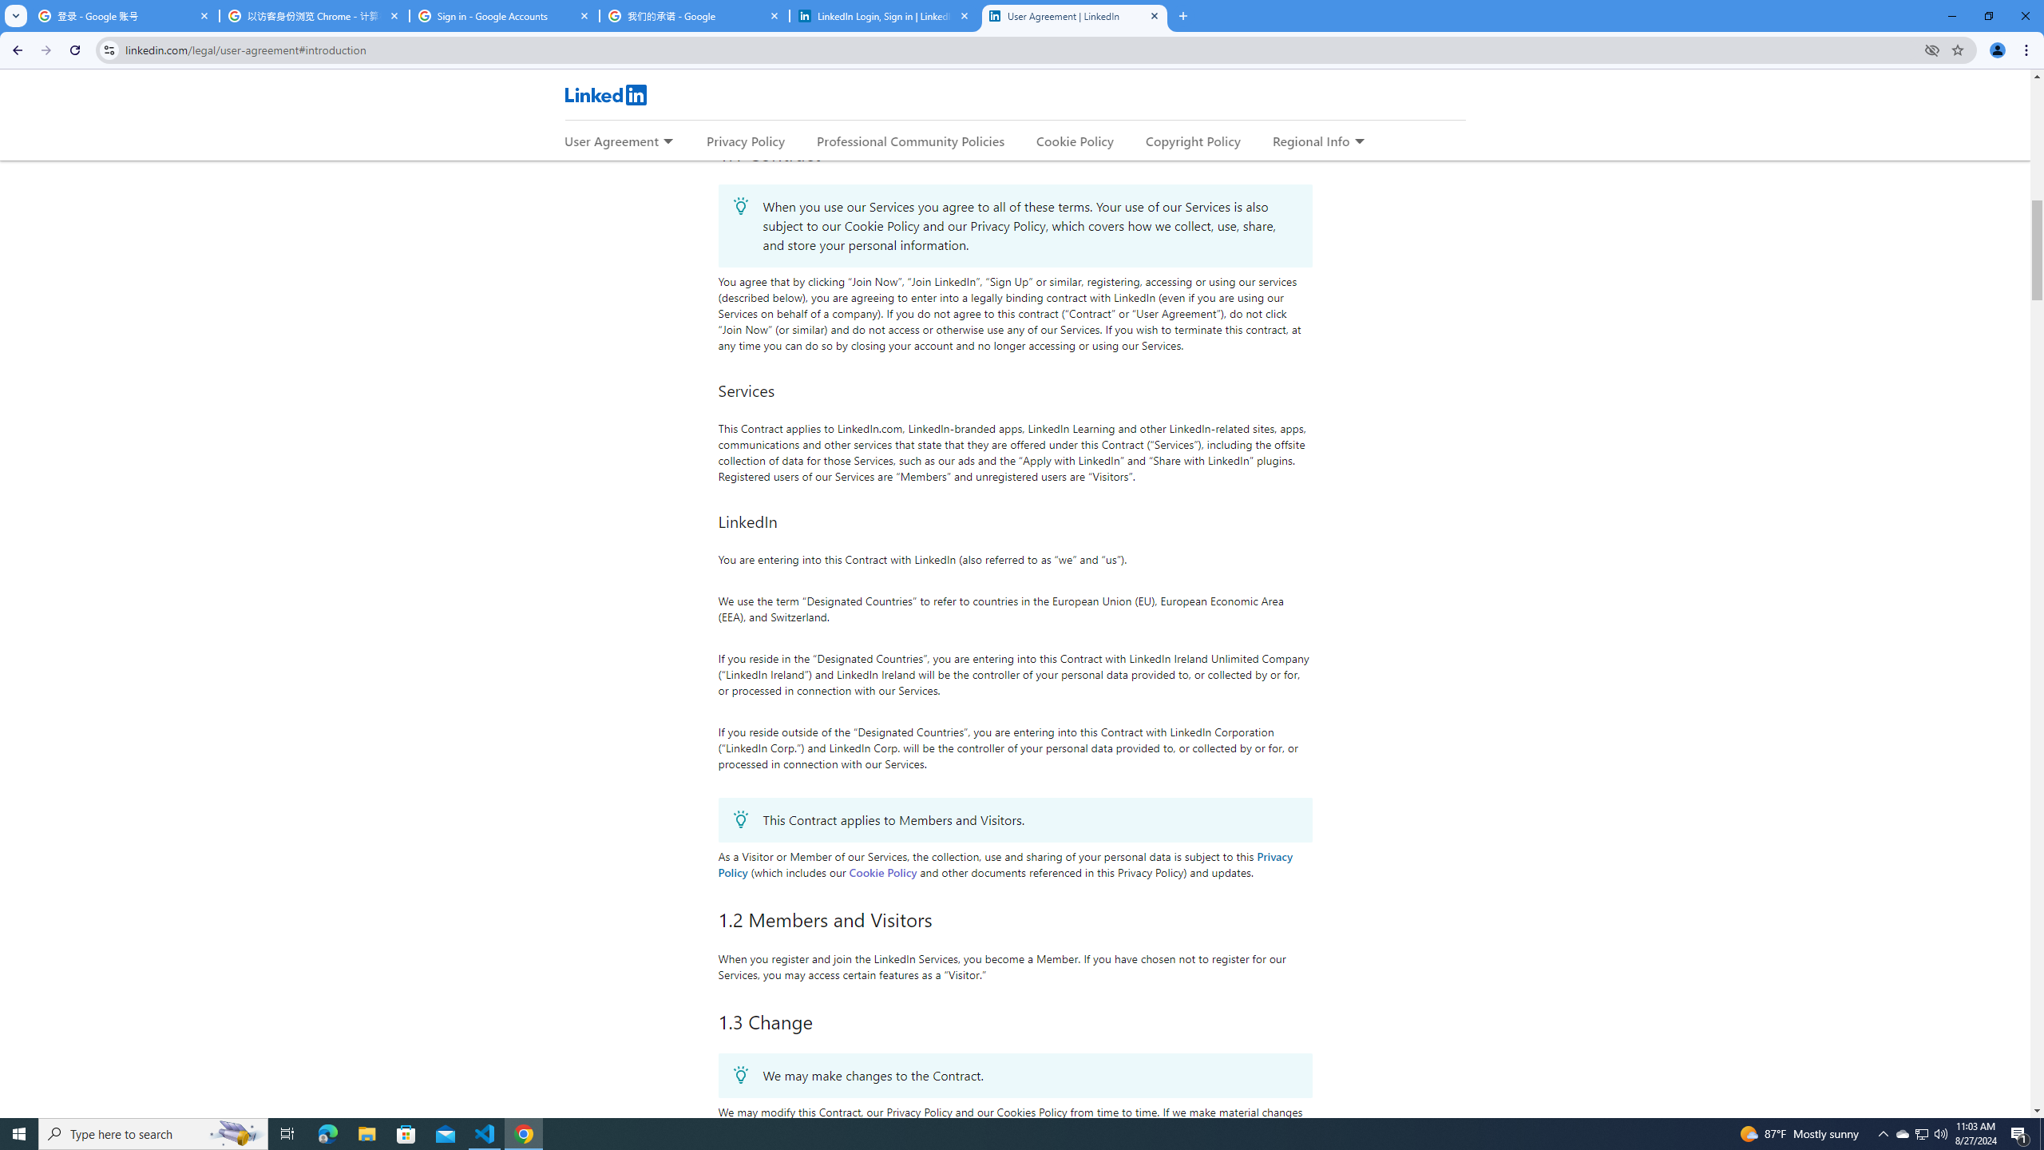 The height and width of the screenshot is (1150, 2044). I want to click on 'Expand to show more links for User Agreement', so click(667, 141).